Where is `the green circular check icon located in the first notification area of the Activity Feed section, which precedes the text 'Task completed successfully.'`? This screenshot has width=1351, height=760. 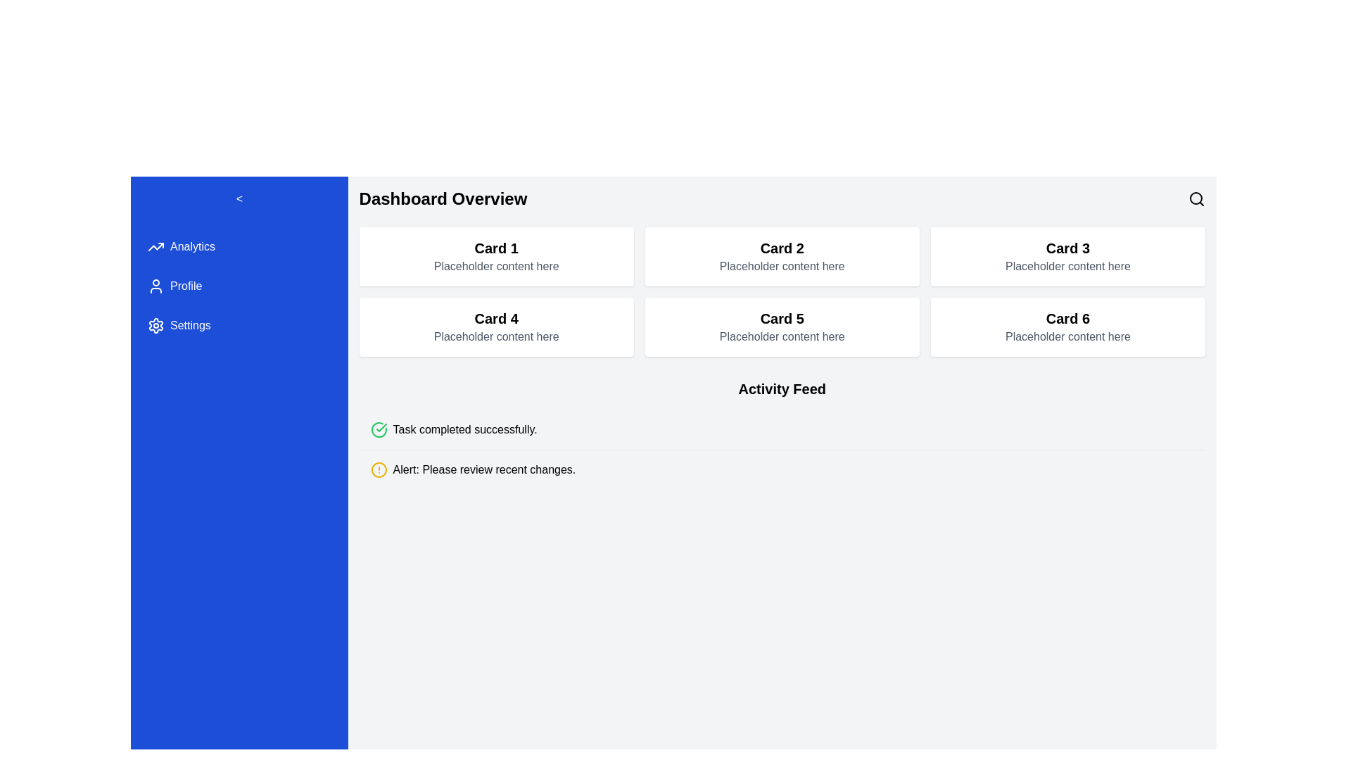
the green circular check icon located in the first notification area of the Activity Feed section, which precedes the text 'Task completed successfully.' is located at coordinates (379, 429).